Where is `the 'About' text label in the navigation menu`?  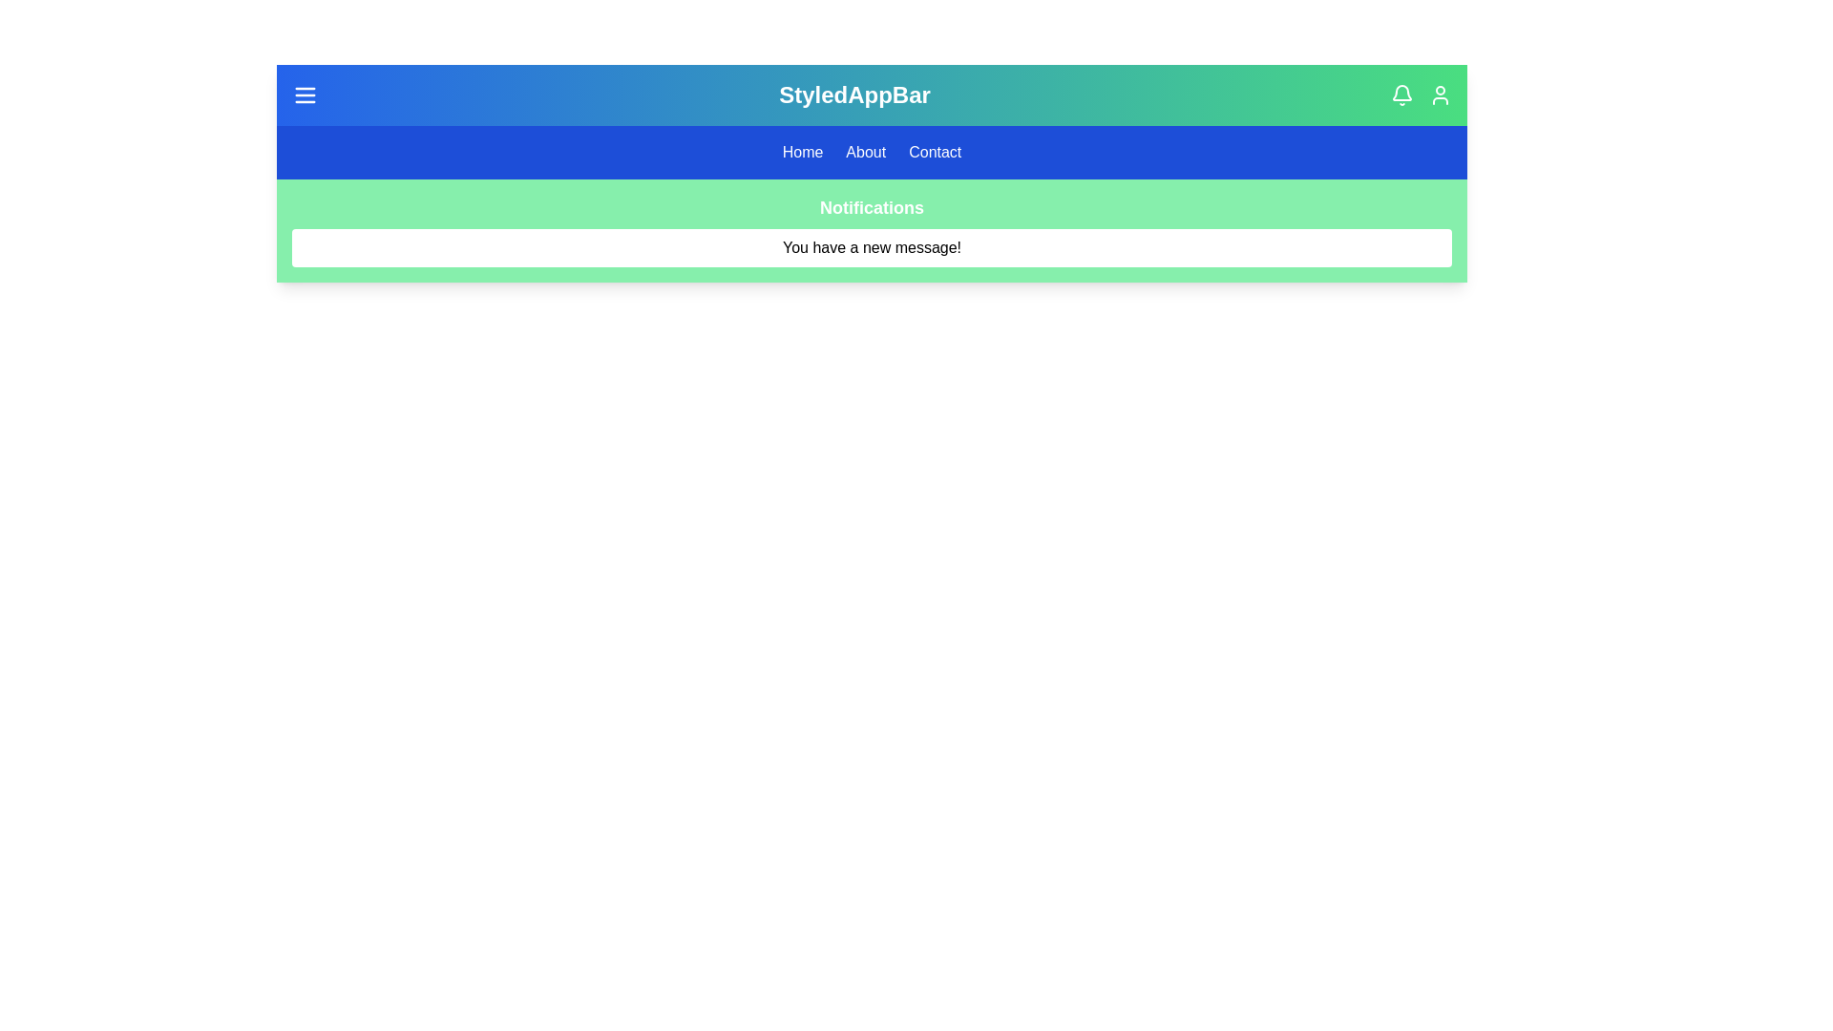
the 'About' text label in the navigation menu is located at coordinates (865, 151).